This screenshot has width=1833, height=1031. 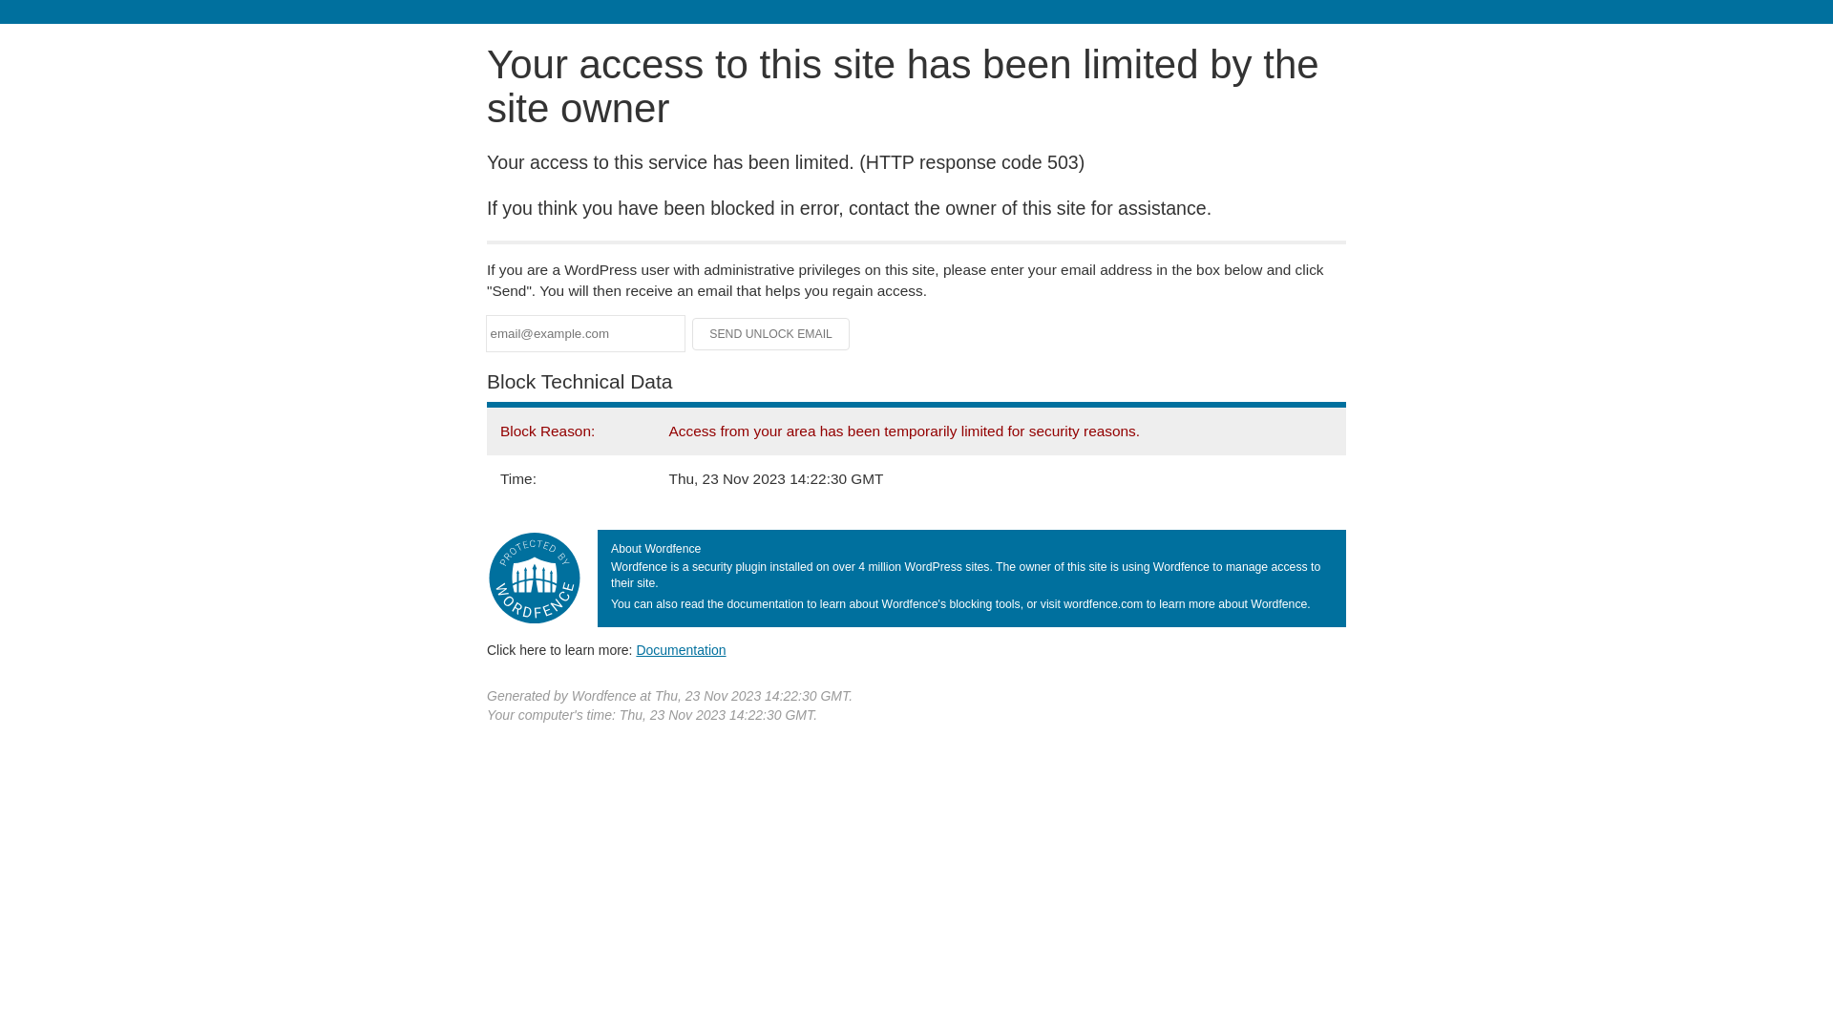 I want to click on 'Send Unlock Email', so click(x=770, y=333).